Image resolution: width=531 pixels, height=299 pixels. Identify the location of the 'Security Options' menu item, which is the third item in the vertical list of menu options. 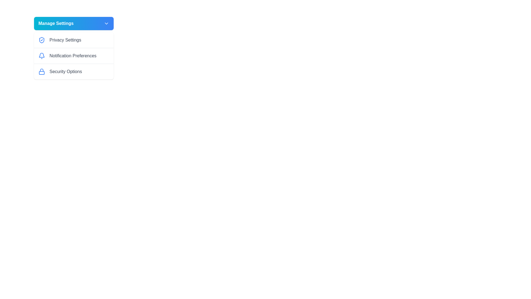
(74, 71).